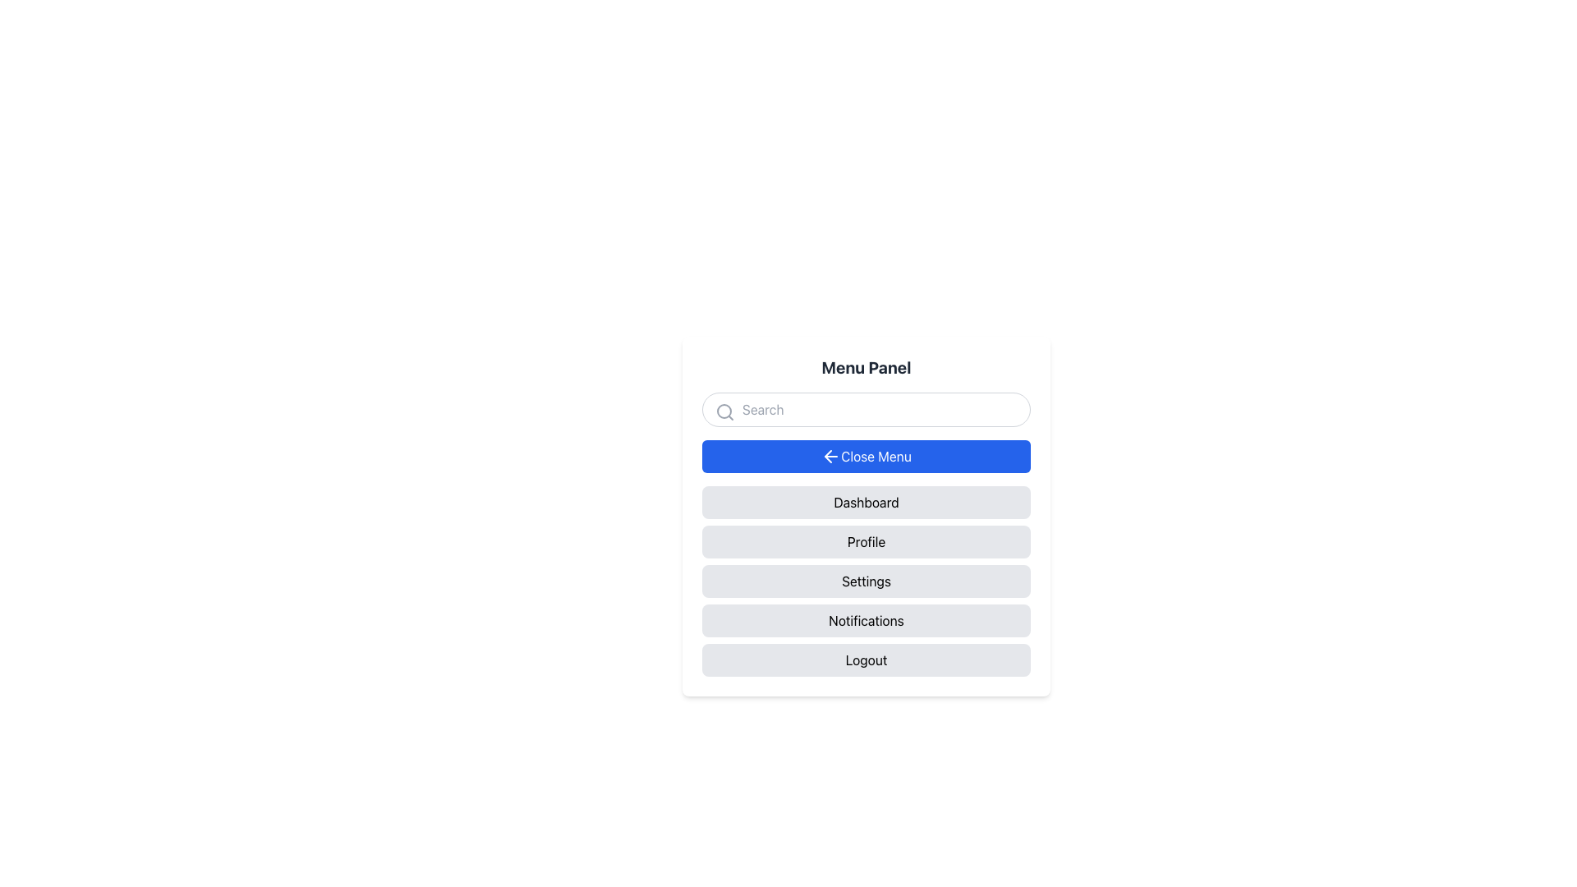  What do you see at coordinates (866, 366) in the screenshot?
I see `the text within the bold 'Menu Panel' label, which is prominently displayed at the top of the menu panel interface above the search input field` at bounding box center [866, 366].